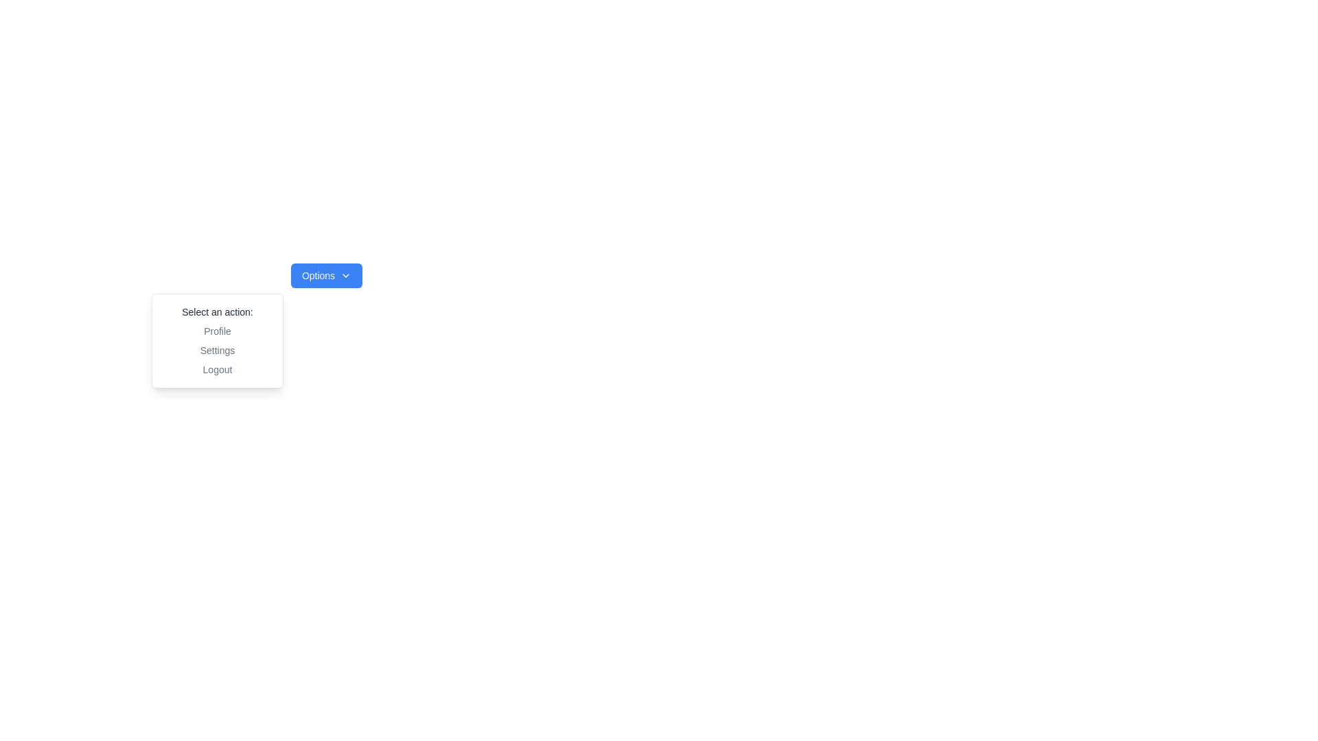 The width and height of the screenshot is (1318, 741). What do you see at coordinates (216, 349) in the screenshot?
I see `the static text label displaying 'Settings', which is less emphasized and located between 'Profile' and 'Logout' in the list` at bounding box center [216, 349].